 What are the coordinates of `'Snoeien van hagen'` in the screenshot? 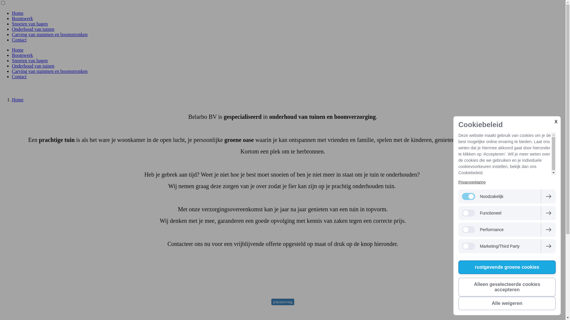 It's located at (12, 60).